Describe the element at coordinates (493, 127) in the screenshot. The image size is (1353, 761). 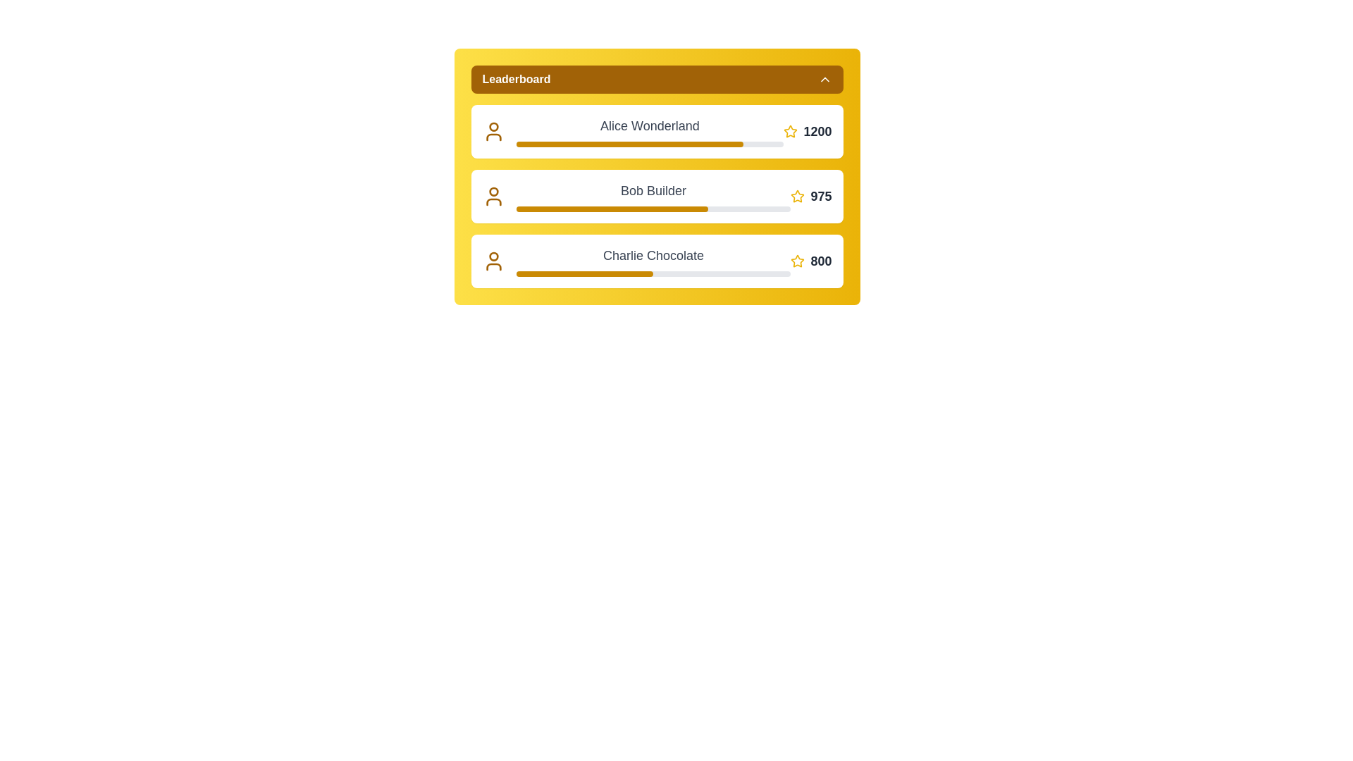
I see `the SVG Circle Graphic representing the user icon for 'Alice Wonderland' in the leaderboard's first entry` at that location.